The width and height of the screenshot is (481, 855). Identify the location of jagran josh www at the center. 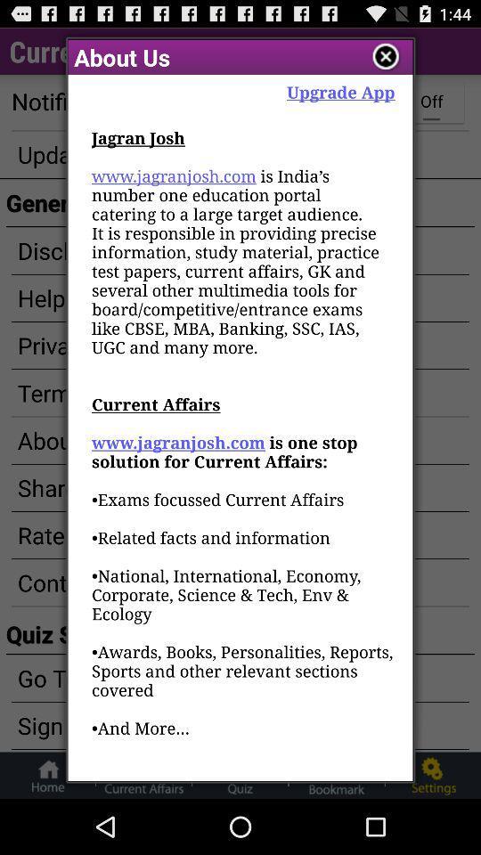
(242, 452).